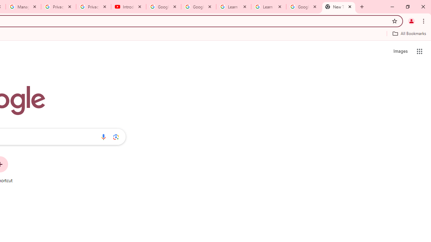  Describe the element at coordinates (409, 33) in the screenshot. I see `'All Bookmarks'` at that location.